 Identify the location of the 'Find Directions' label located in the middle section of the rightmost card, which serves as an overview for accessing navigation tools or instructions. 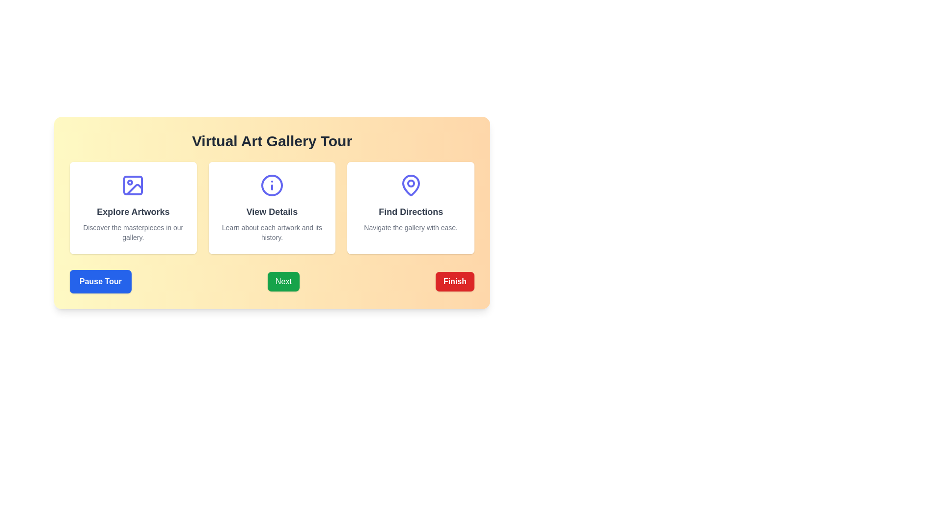
(411, 212).